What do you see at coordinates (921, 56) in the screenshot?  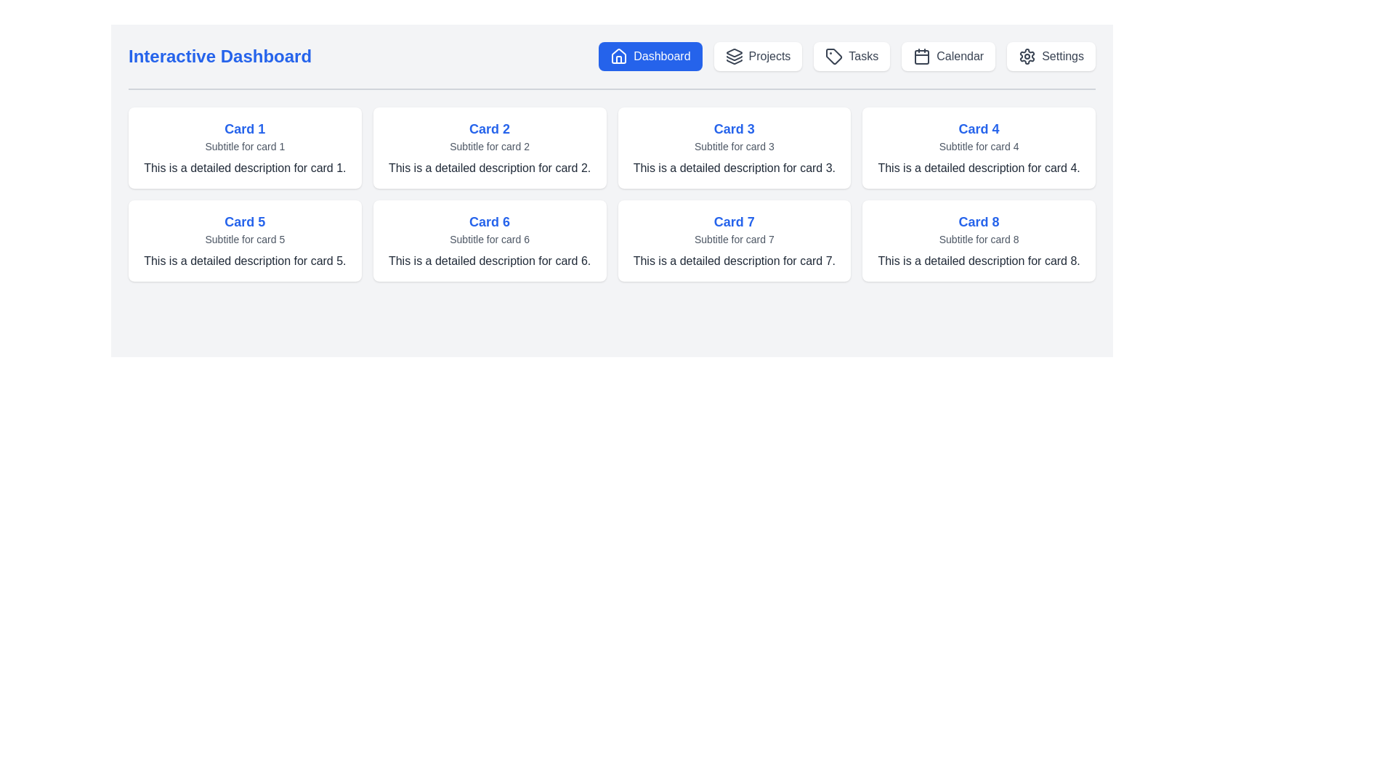 I see `the main content area of the calendar icon, which is centrally located within the Calendar button in the top navigation bar` at bounding box center [921, 56].